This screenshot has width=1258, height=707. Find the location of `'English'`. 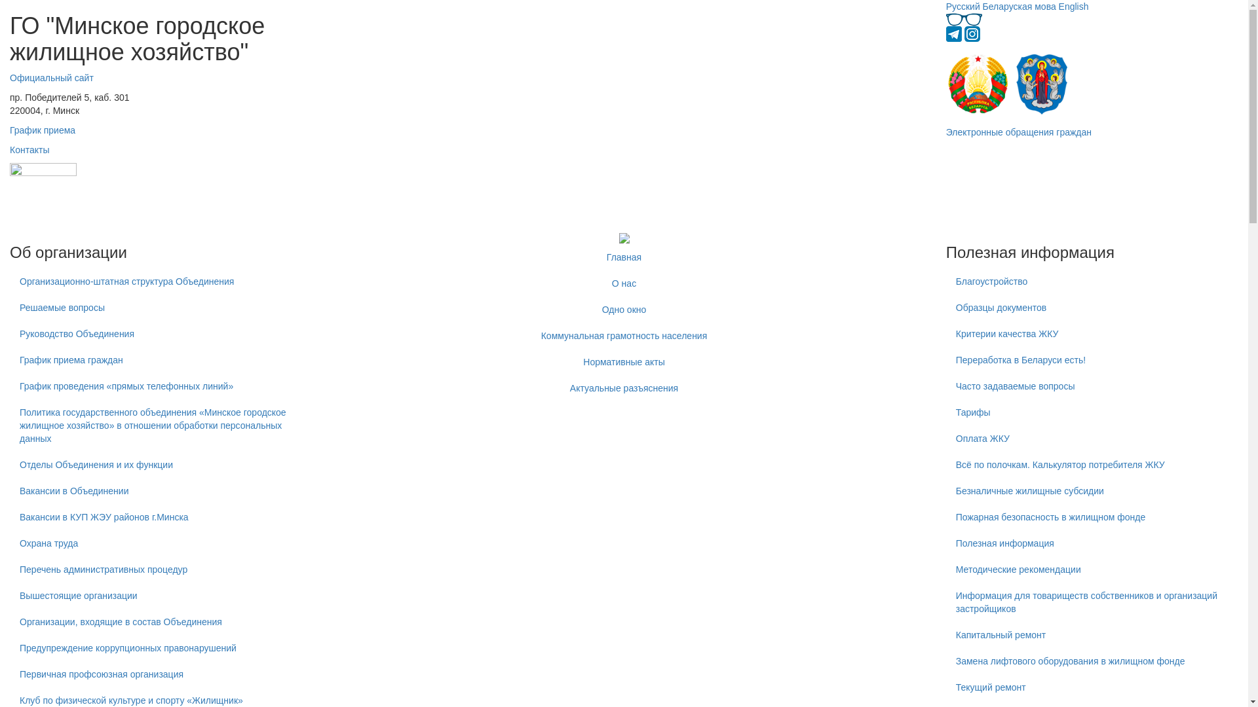

'English' is located at coordinates (1073, 7).